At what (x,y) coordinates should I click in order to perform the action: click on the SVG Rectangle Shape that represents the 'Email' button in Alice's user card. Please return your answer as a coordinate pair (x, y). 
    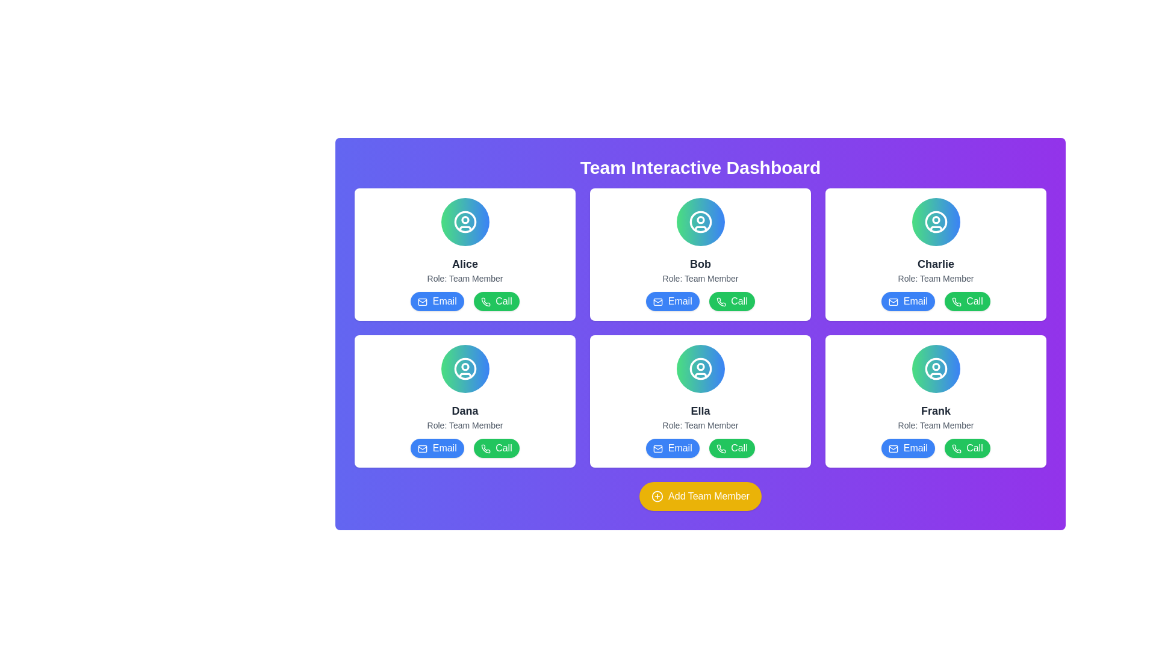
    Looking at the image, I should click on (423, 301).